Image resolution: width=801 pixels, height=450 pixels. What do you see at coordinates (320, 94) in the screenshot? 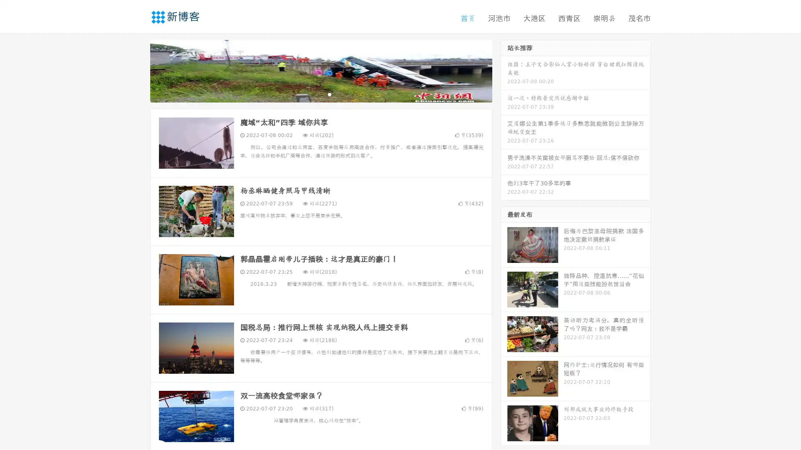
I see `Go to slide 2` at bounding box center [320, 94].